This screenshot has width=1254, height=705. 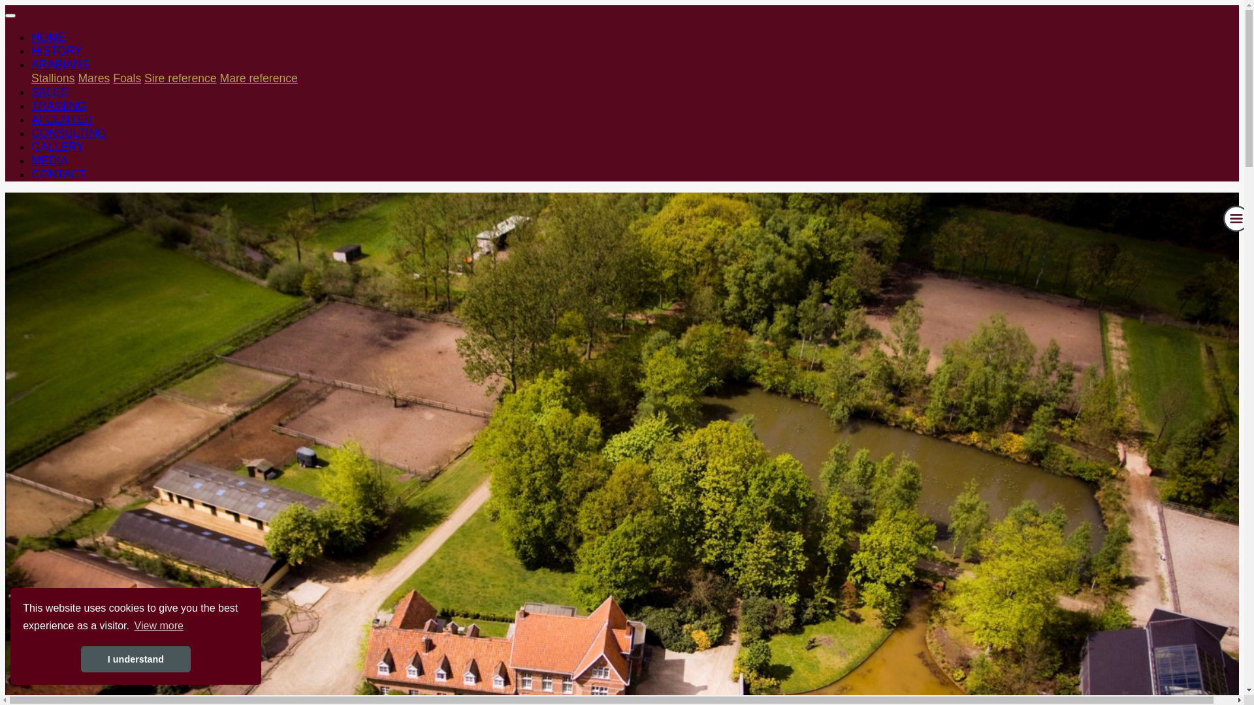 I want to click on 'HISTORY', so click(x=31, y=50).